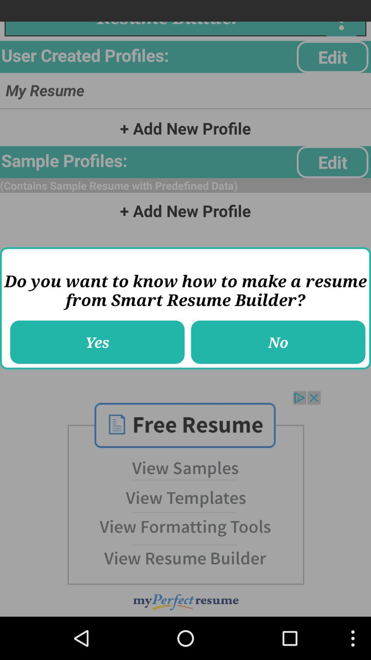  Describe the element at coordinates (278, 342) in the screenshot. I see `item to the right of yes button` at that location.